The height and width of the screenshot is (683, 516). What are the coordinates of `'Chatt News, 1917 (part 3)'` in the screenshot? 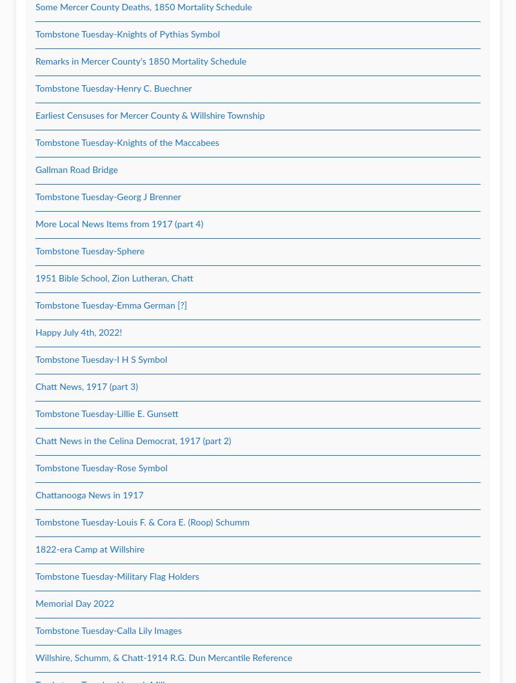 It's located at (86, 387).